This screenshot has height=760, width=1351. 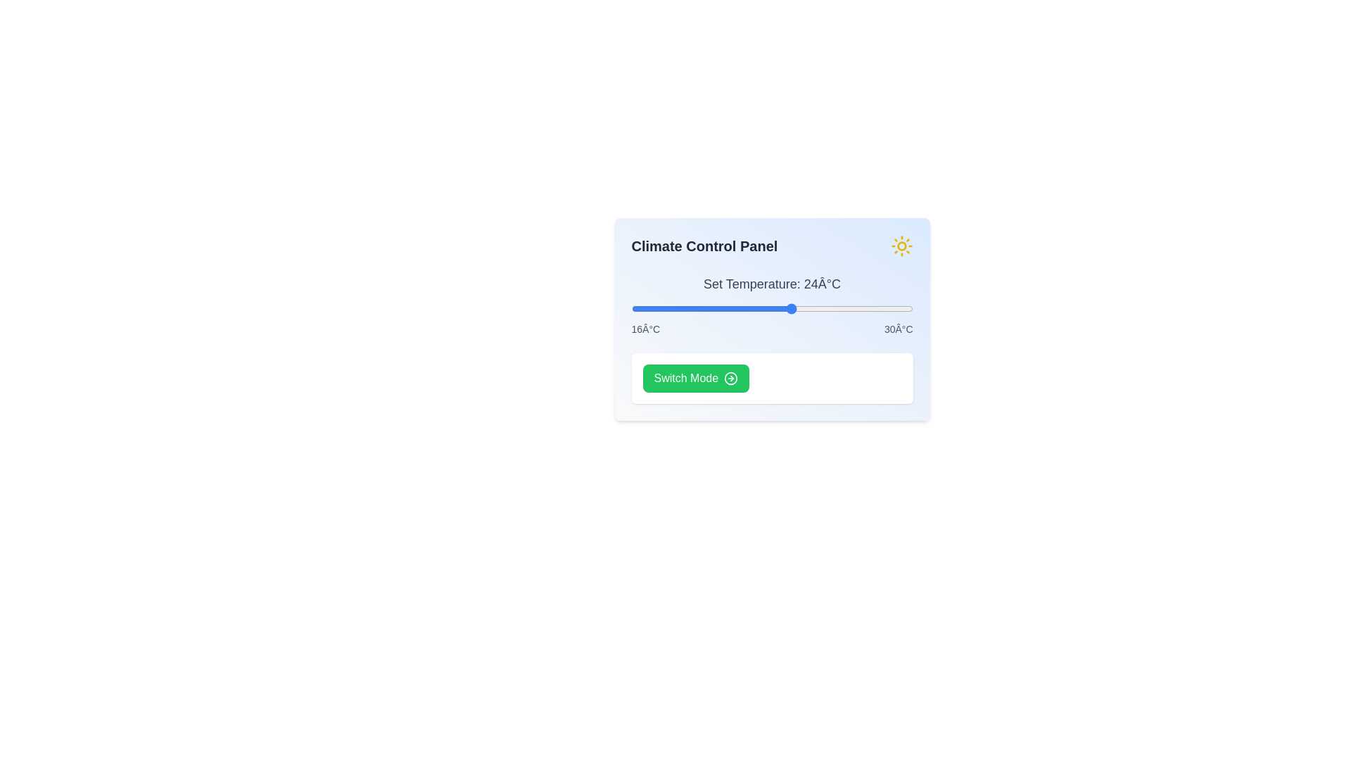 I want to click on the inner circular shape of the sun icon, which is located at the top-right corner of the 'Climate Control Panel.', so click(x=901, y=246).